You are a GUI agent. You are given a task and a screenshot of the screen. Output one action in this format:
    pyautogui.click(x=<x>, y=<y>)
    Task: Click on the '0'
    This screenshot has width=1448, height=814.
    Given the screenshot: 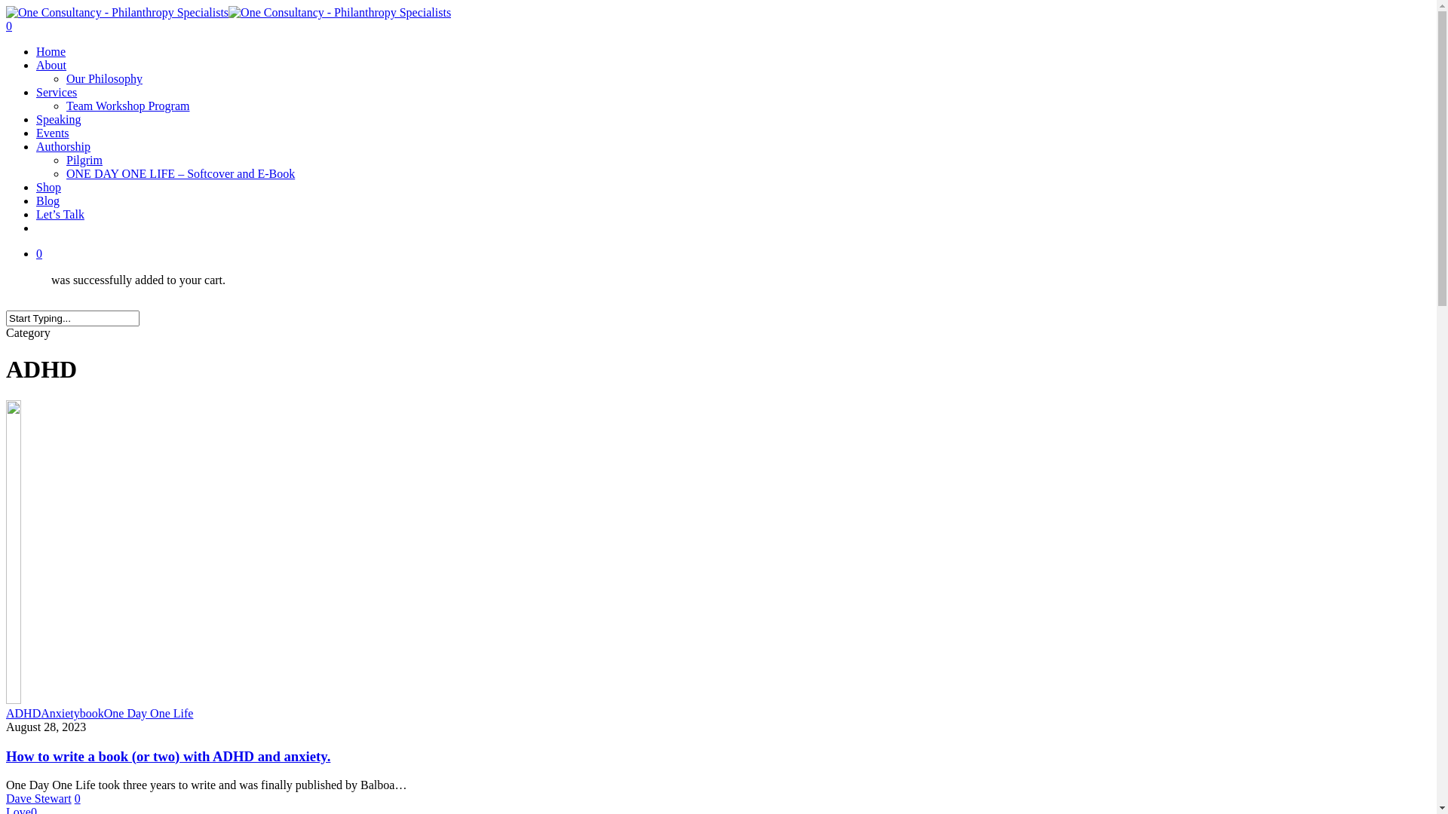 What is the action you would take?
    pyautogui.click(x=76, y=797)
    